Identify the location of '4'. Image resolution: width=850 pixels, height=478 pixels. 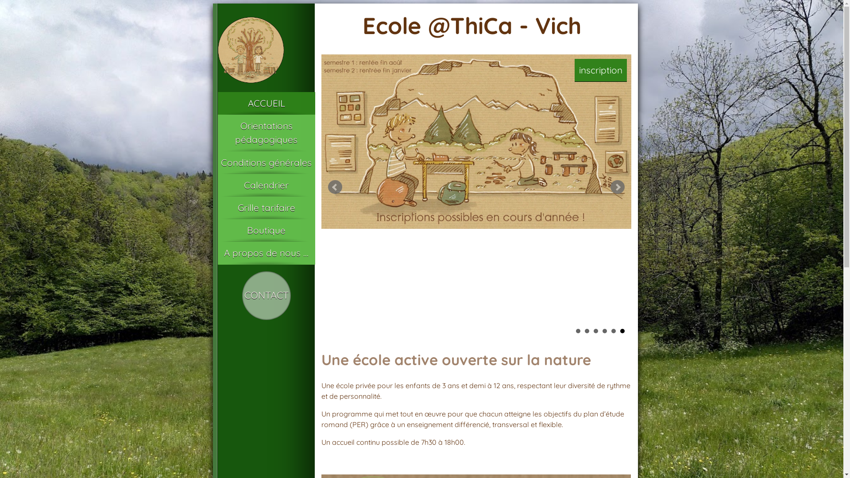
(603, 331).